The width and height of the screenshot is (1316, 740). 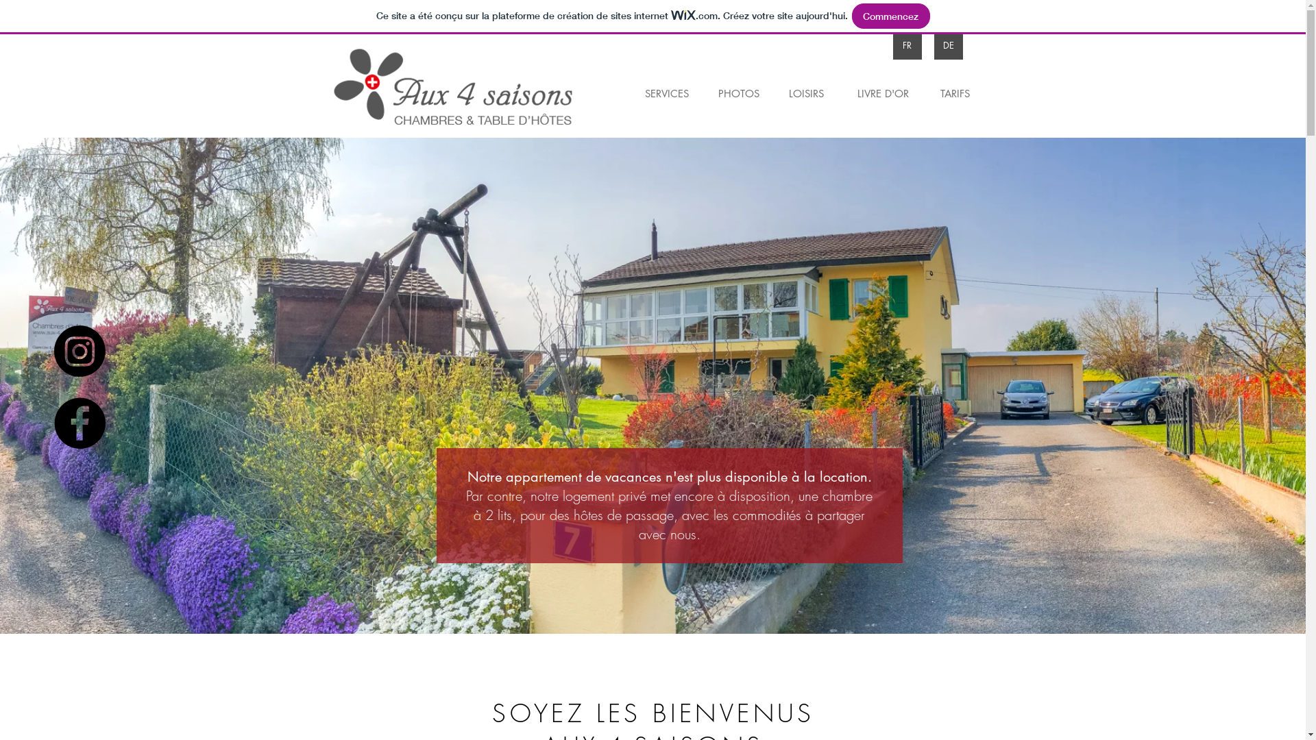 What do you see at coordinates (947, 45) in the screenshot?
I see `'DE'` at bounding box center [947, 45].